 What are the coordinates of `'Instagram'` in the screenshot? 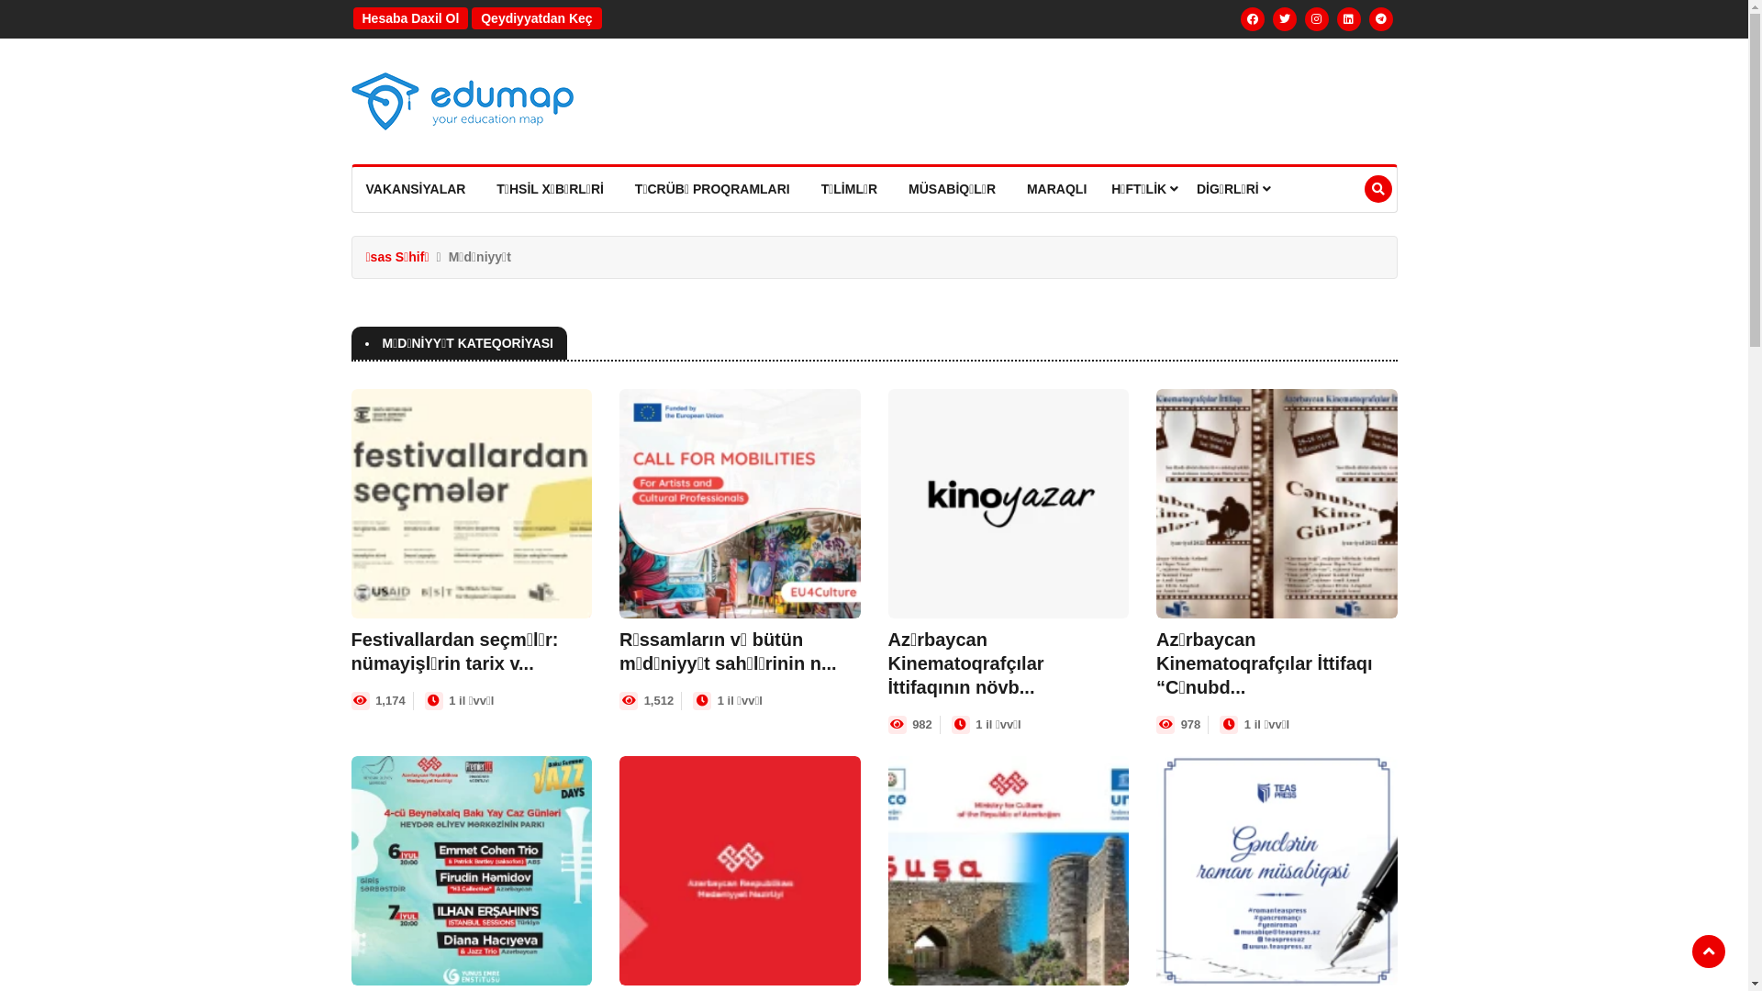 It's located at (1303, 18).